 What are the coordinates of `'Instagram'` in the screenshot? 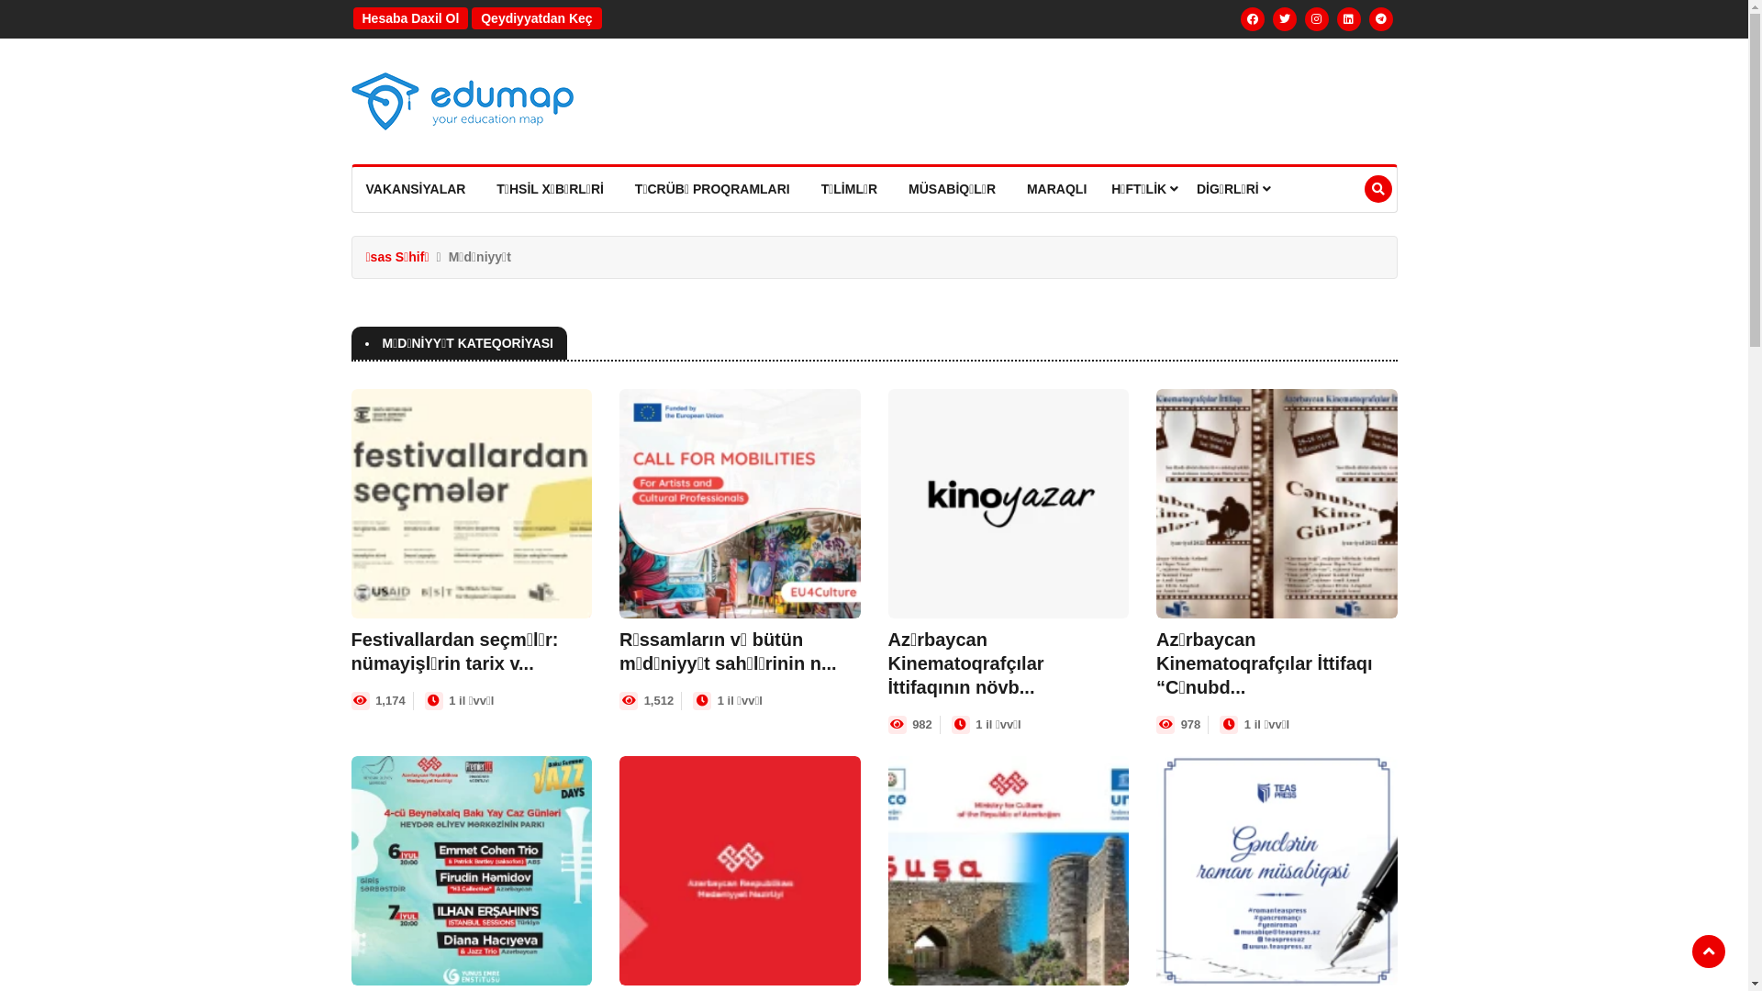 It's located at (1303, 18).